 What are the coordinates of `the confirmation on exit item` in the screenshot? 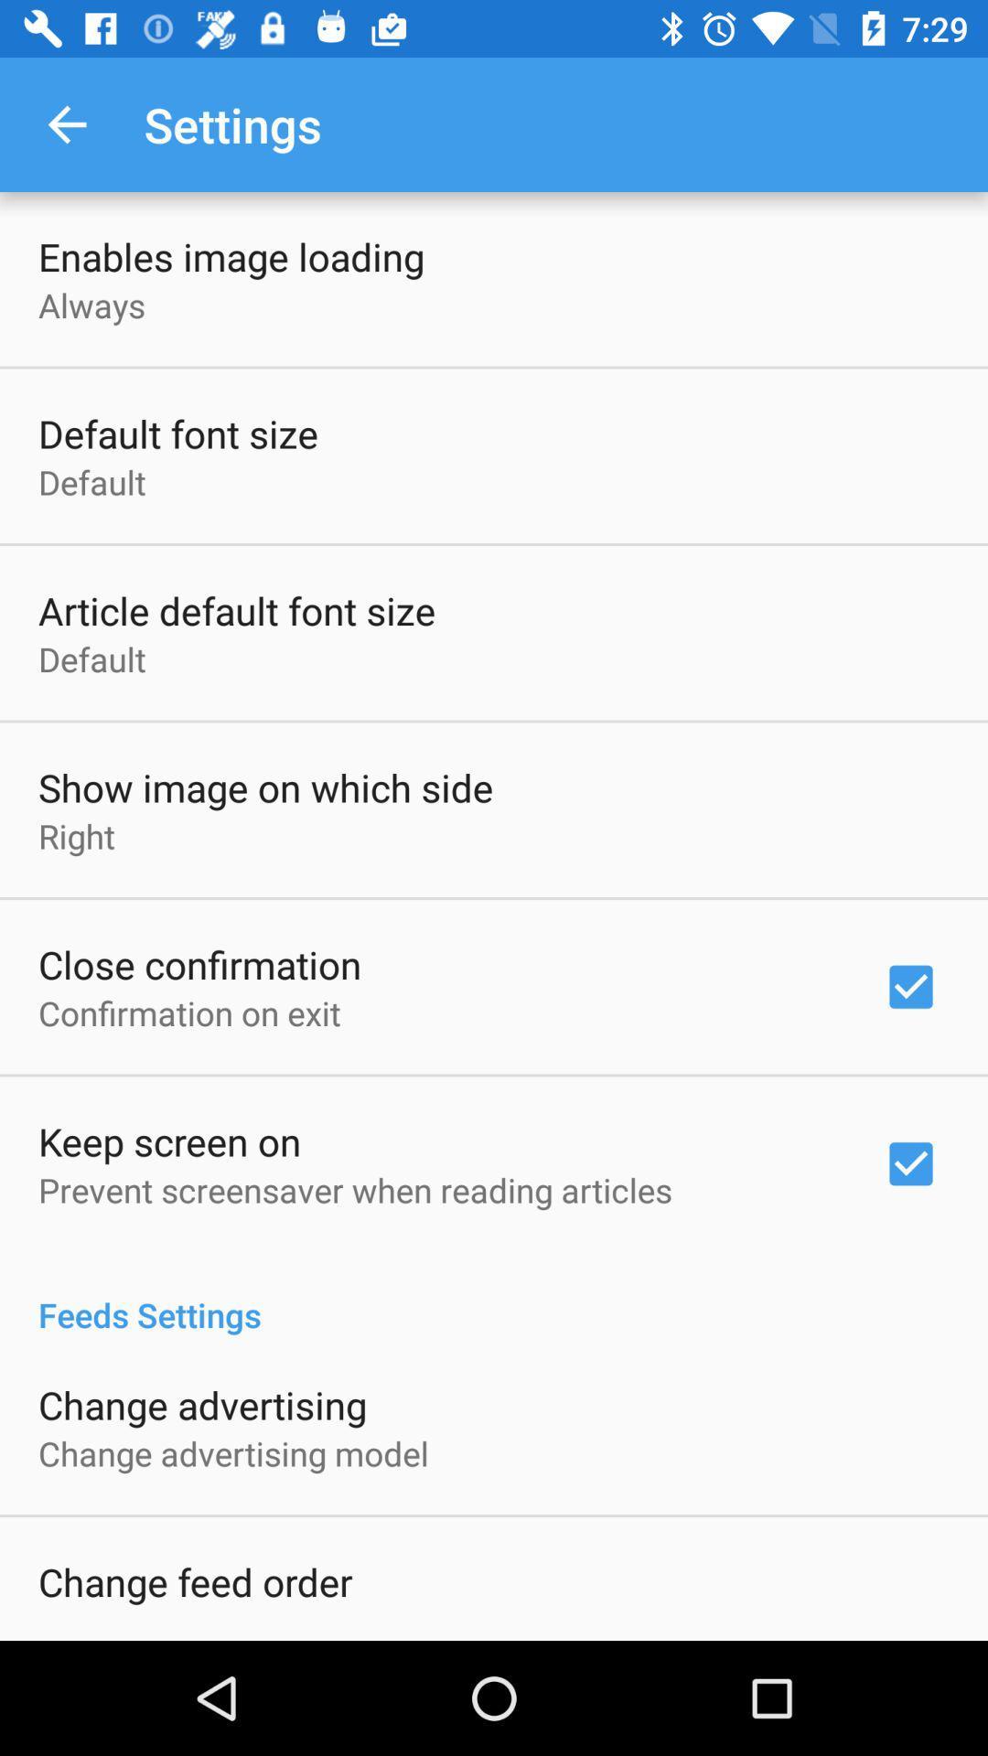 It's located at (189, 1012).